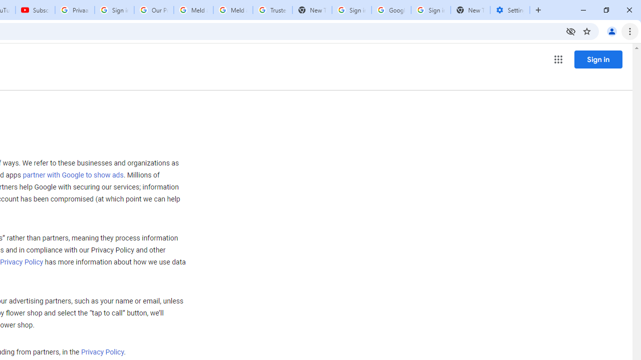  I want to click on 'Subscriptions - YouTube', so click(35, 10).